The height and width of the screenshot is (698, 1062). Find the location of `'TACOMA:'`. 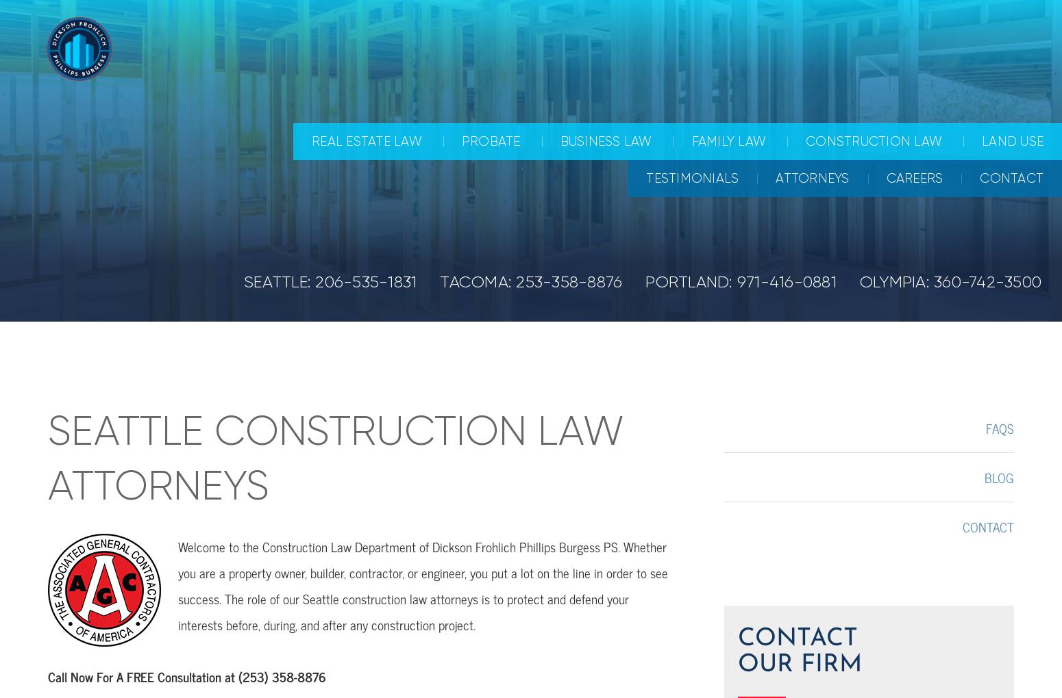

'TACOMA:' is located at coordinates (477, 281).